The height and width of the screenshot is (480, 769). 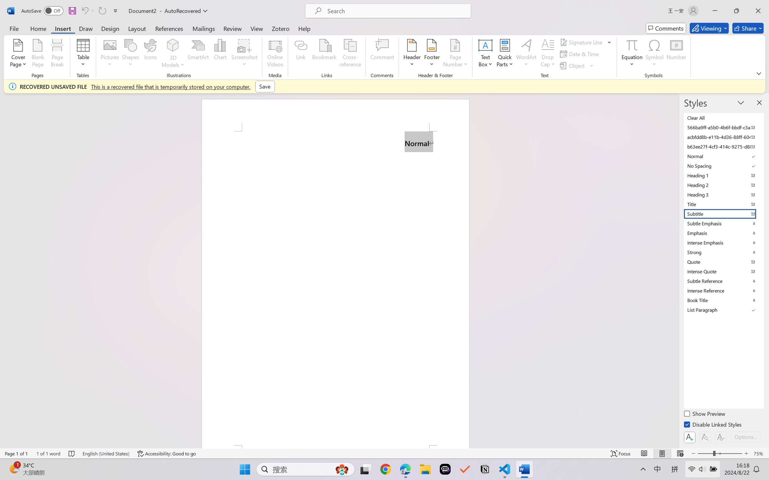 What do you see at coordinates (723, 233) in the screenshot?
I see `'Emphasis'` at bounding box center [723, 233].